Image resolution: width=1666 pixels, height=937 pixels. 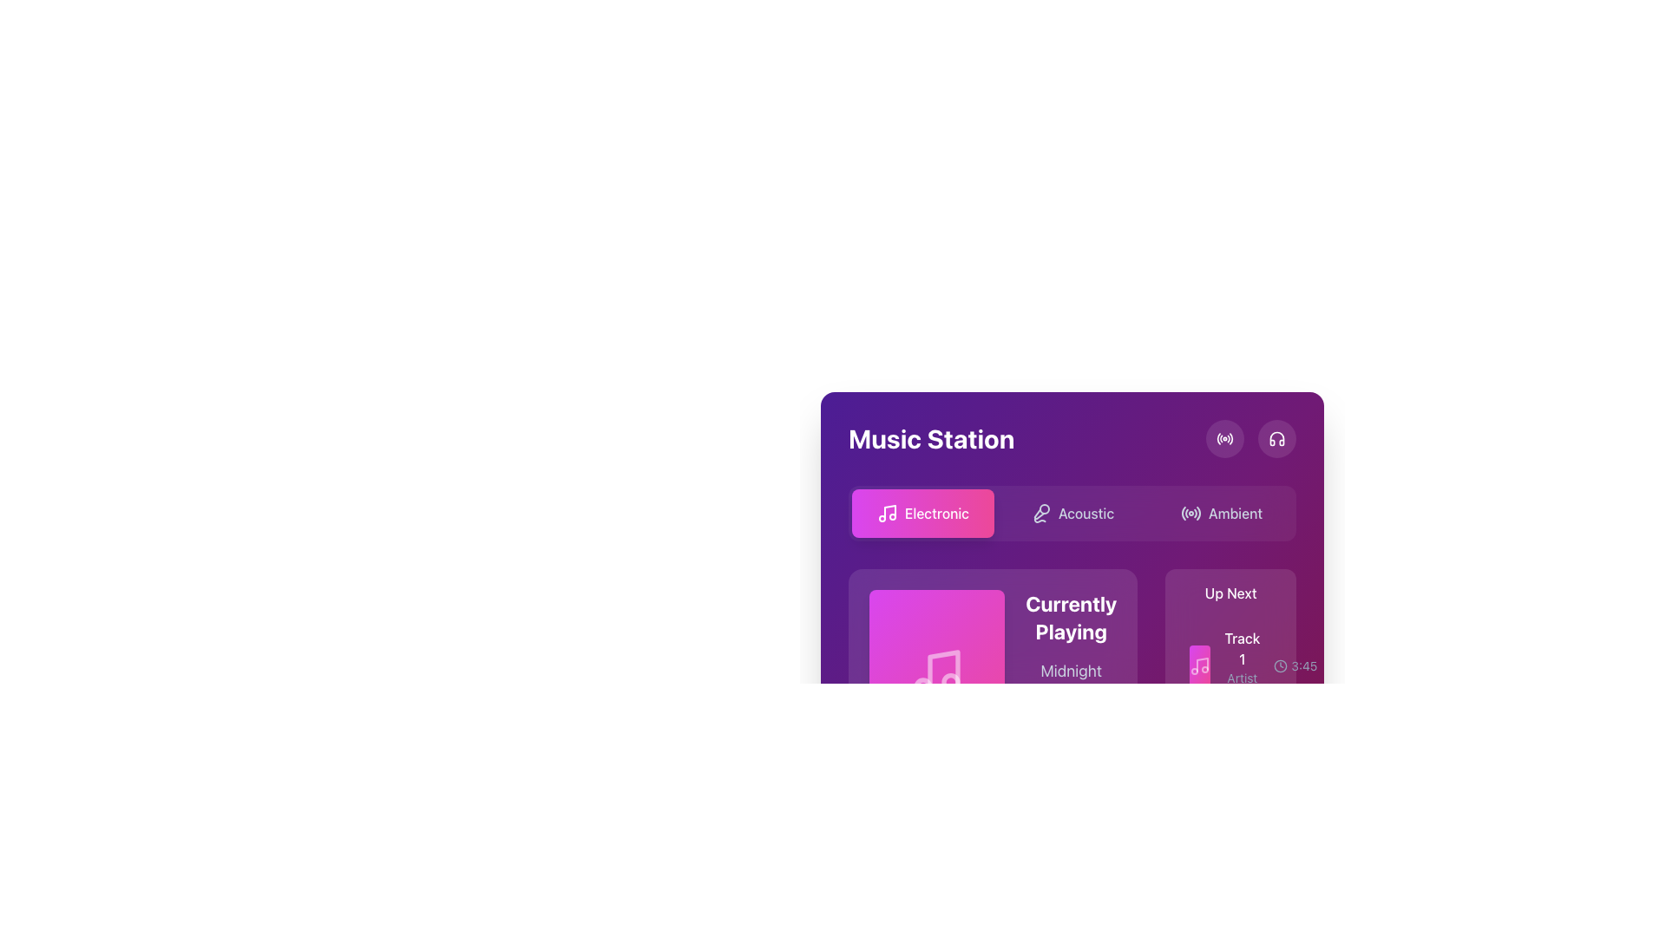 What do you see at coordinates (1086, 512) in the screenshot?
I see `the text label displaying 'Acoustic' which is part of a selection group and situated to the right of a microphone icon` at bounding box center [1086, 512].